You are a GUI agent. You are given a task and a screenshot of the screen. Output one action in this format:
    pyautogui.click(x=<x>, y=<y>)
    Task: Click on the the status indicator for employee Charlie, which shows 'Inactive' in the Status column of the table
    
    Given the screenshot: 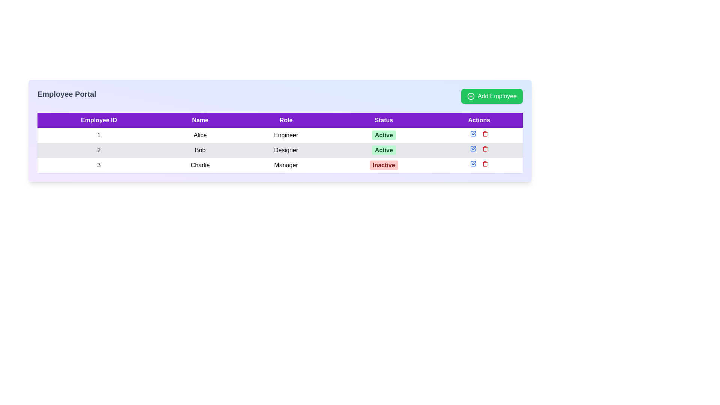 What is the action you would take?
    pyautogui.click(x=384, y=165)
    